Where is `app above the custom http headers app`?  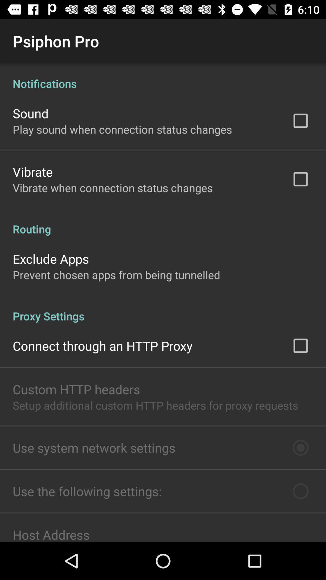
app above the custom http headers app is located at coordinates (102, 346).